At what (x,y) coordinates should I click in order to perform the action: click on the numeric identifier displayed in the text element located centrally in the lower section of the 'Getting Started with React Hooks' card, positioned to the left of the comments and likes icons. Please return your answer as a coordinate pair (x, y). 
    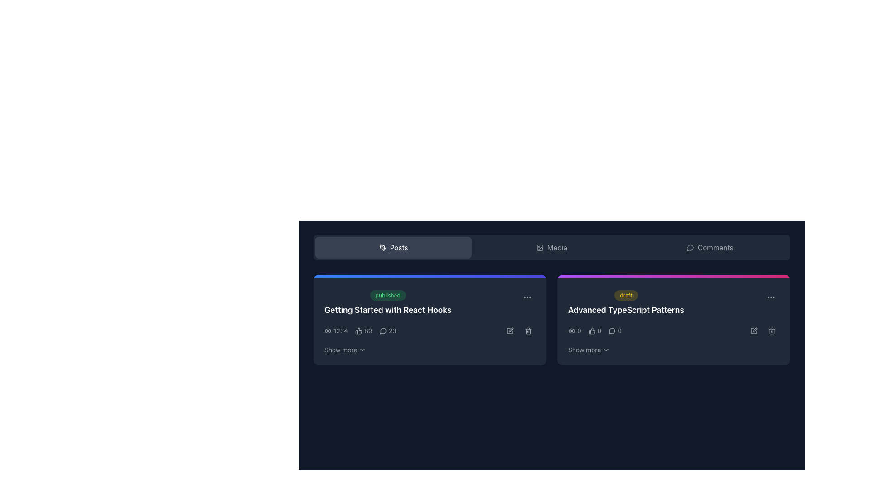
    Looking at the image, I should click on (430, 331).